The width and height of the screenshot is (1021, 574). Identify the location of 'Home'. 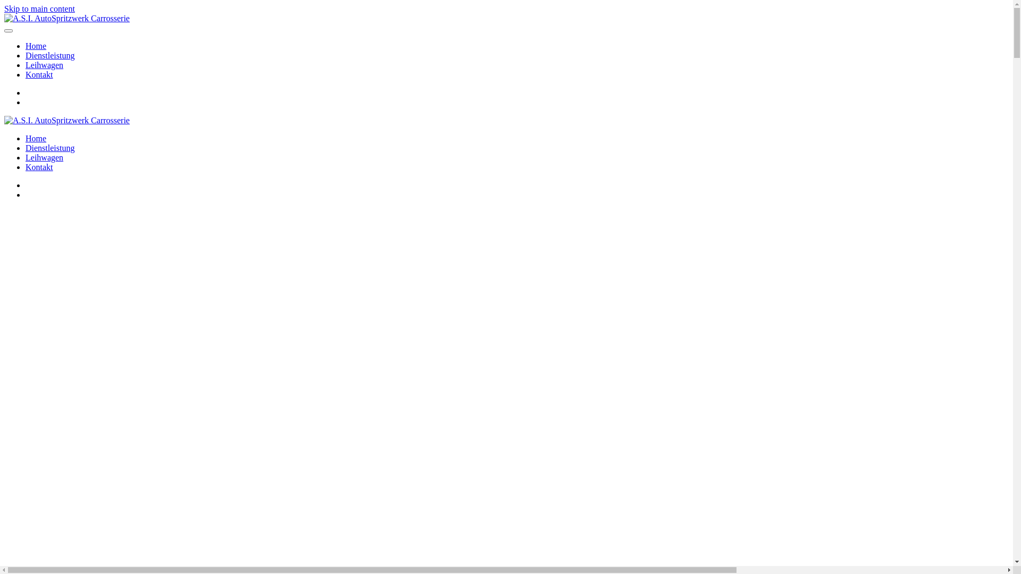
(36, 45).